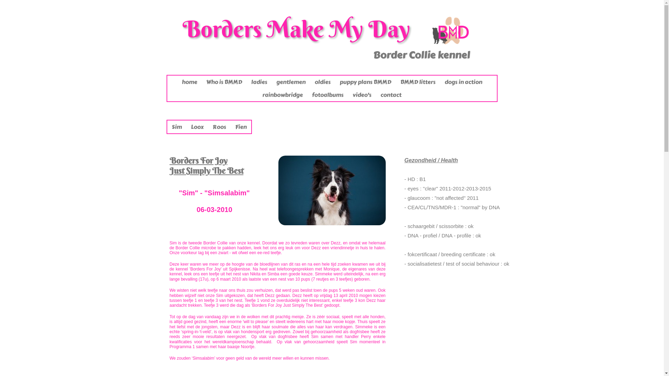 This screenshot has width=669, height=376. I want to click on 'fotoalbums', so click(327, 95).